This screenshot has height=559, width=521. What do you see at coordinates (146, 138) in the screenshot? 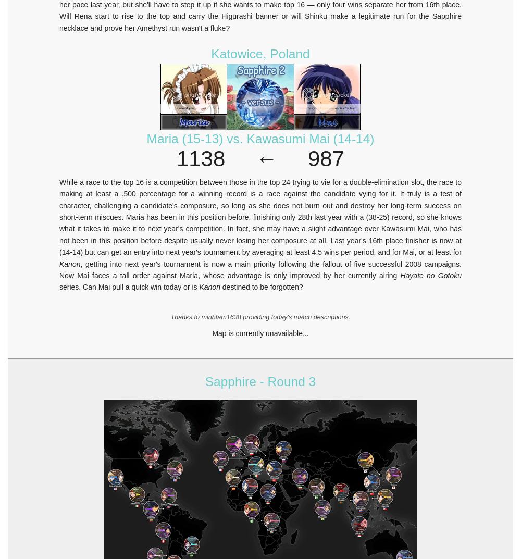
I see `'Maria (15-13) vs. Kawasumi Mai (14-14)'` at bounding box center [146, 138].